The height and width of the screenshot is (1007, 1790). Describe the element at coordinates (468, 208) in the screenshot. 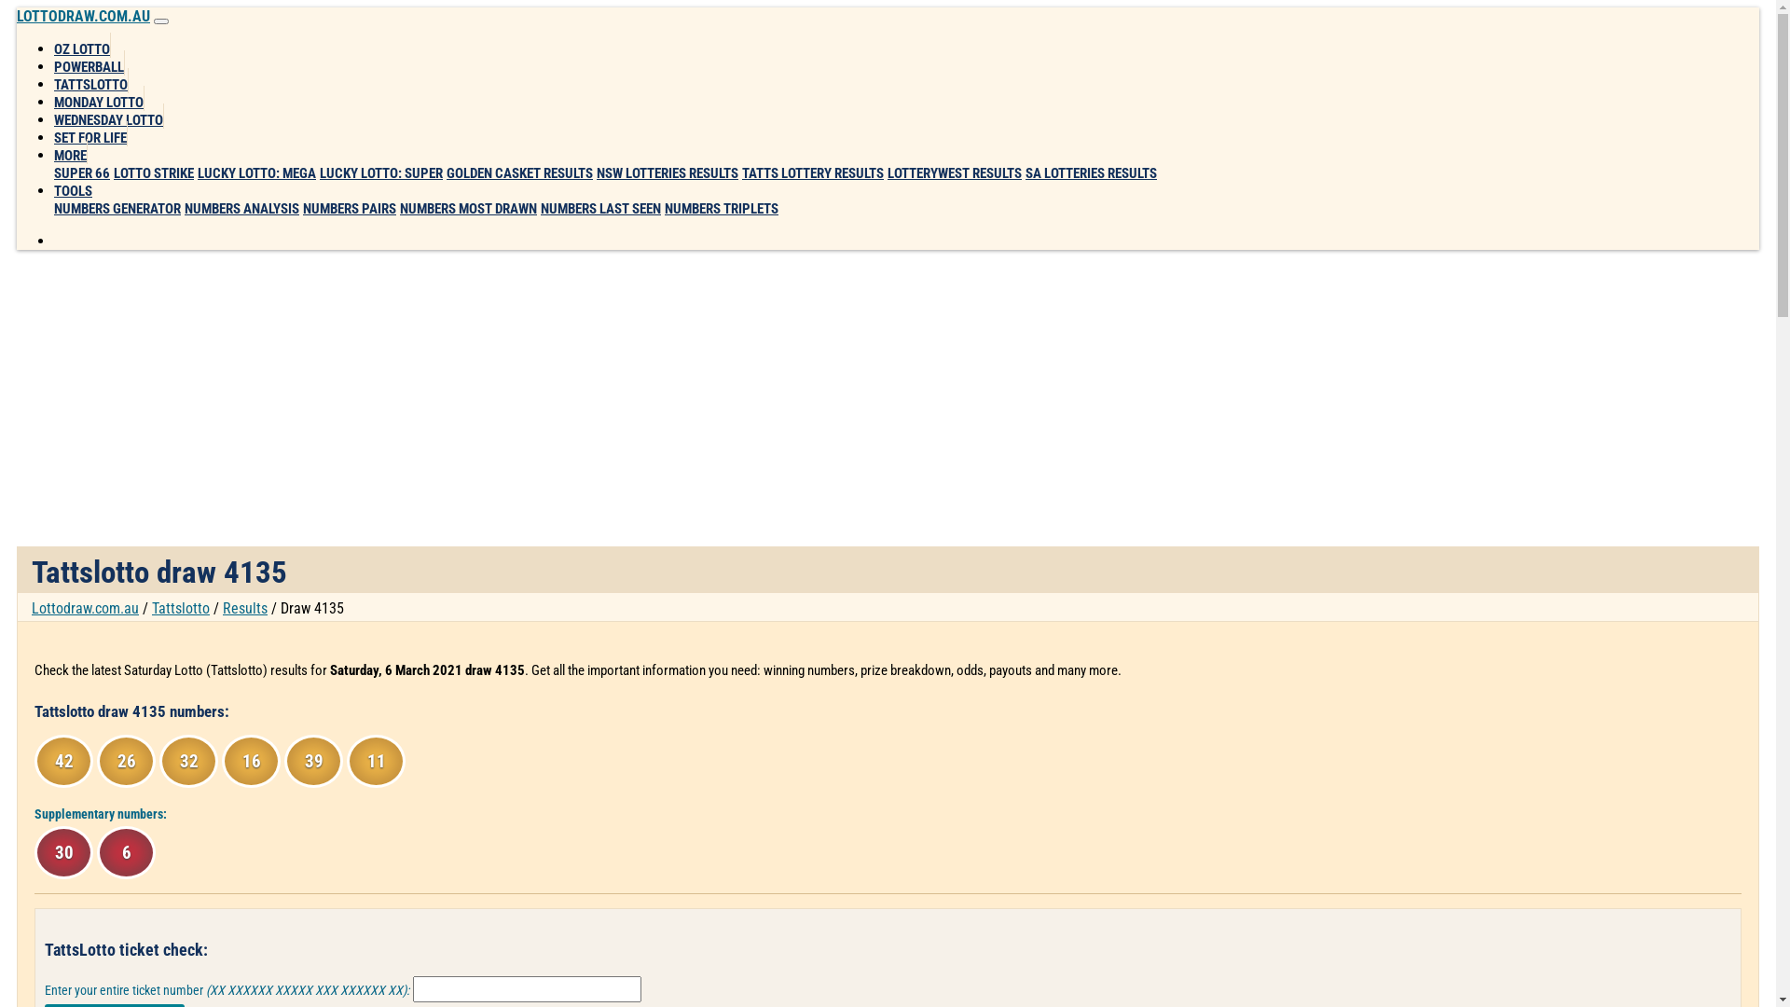

I see `'NUMBERS MOST DRAWN'` at that location.